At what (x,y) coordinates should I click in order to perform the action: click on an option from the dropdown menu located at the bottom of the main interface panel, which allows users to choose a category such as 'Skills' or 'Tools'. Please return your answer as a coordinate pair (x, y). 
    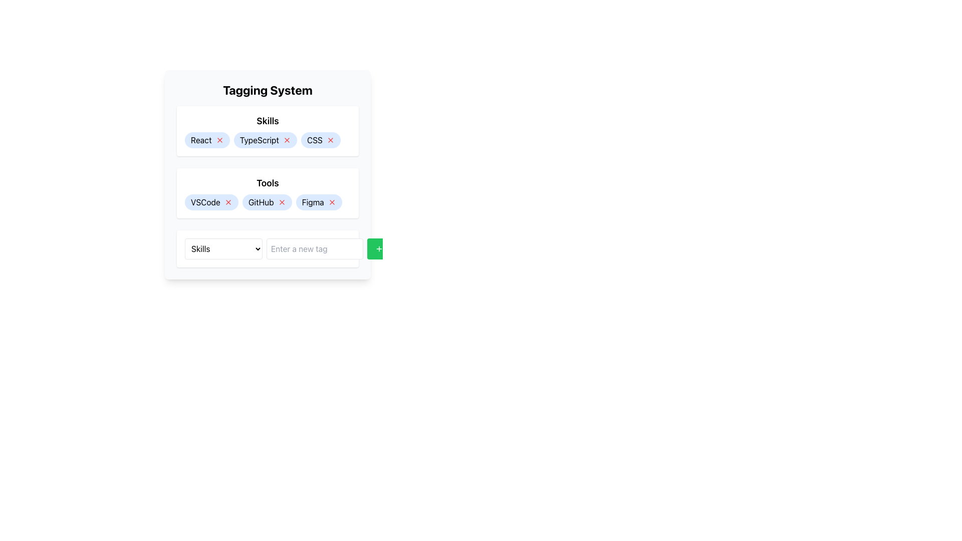
    Looking at the image, I should click on (223, 248).